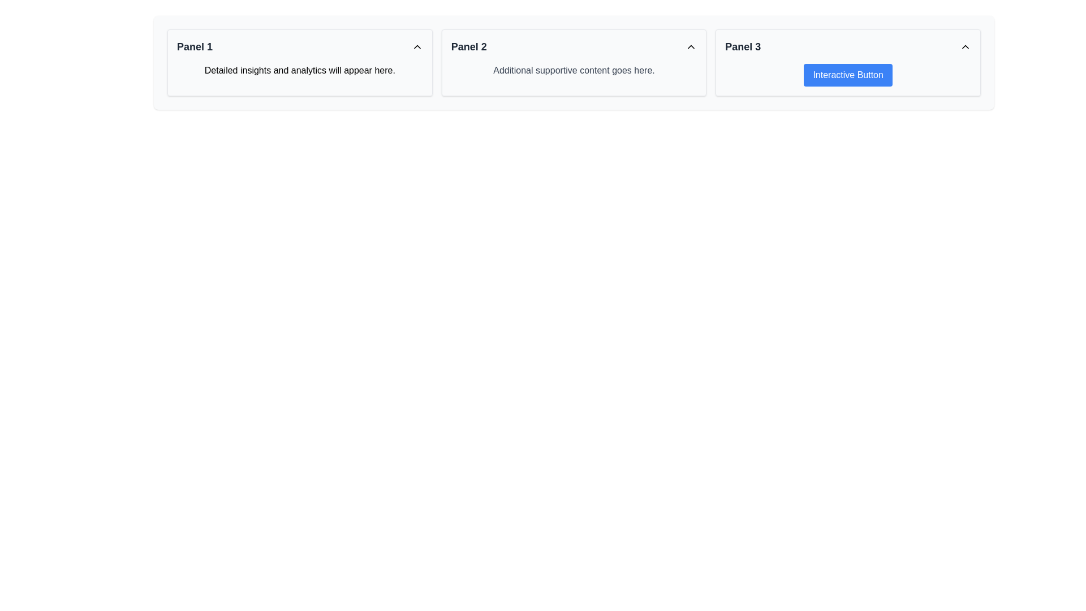  I want to click on the upward-pointing chevron icon located in the header section of 'Panel 2', so click(691, 46).